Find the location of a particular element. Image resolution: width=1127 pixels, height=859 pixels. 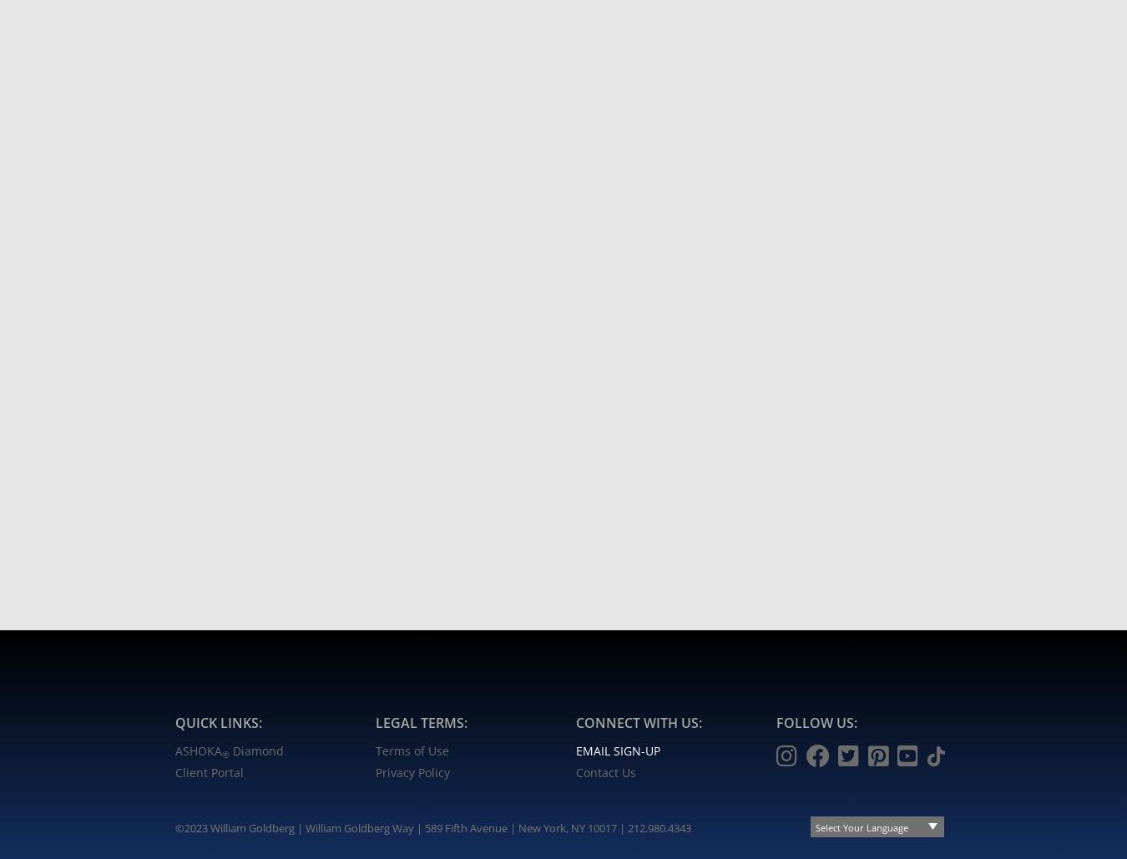

'Diamond' is located at coordinates (228, 750).